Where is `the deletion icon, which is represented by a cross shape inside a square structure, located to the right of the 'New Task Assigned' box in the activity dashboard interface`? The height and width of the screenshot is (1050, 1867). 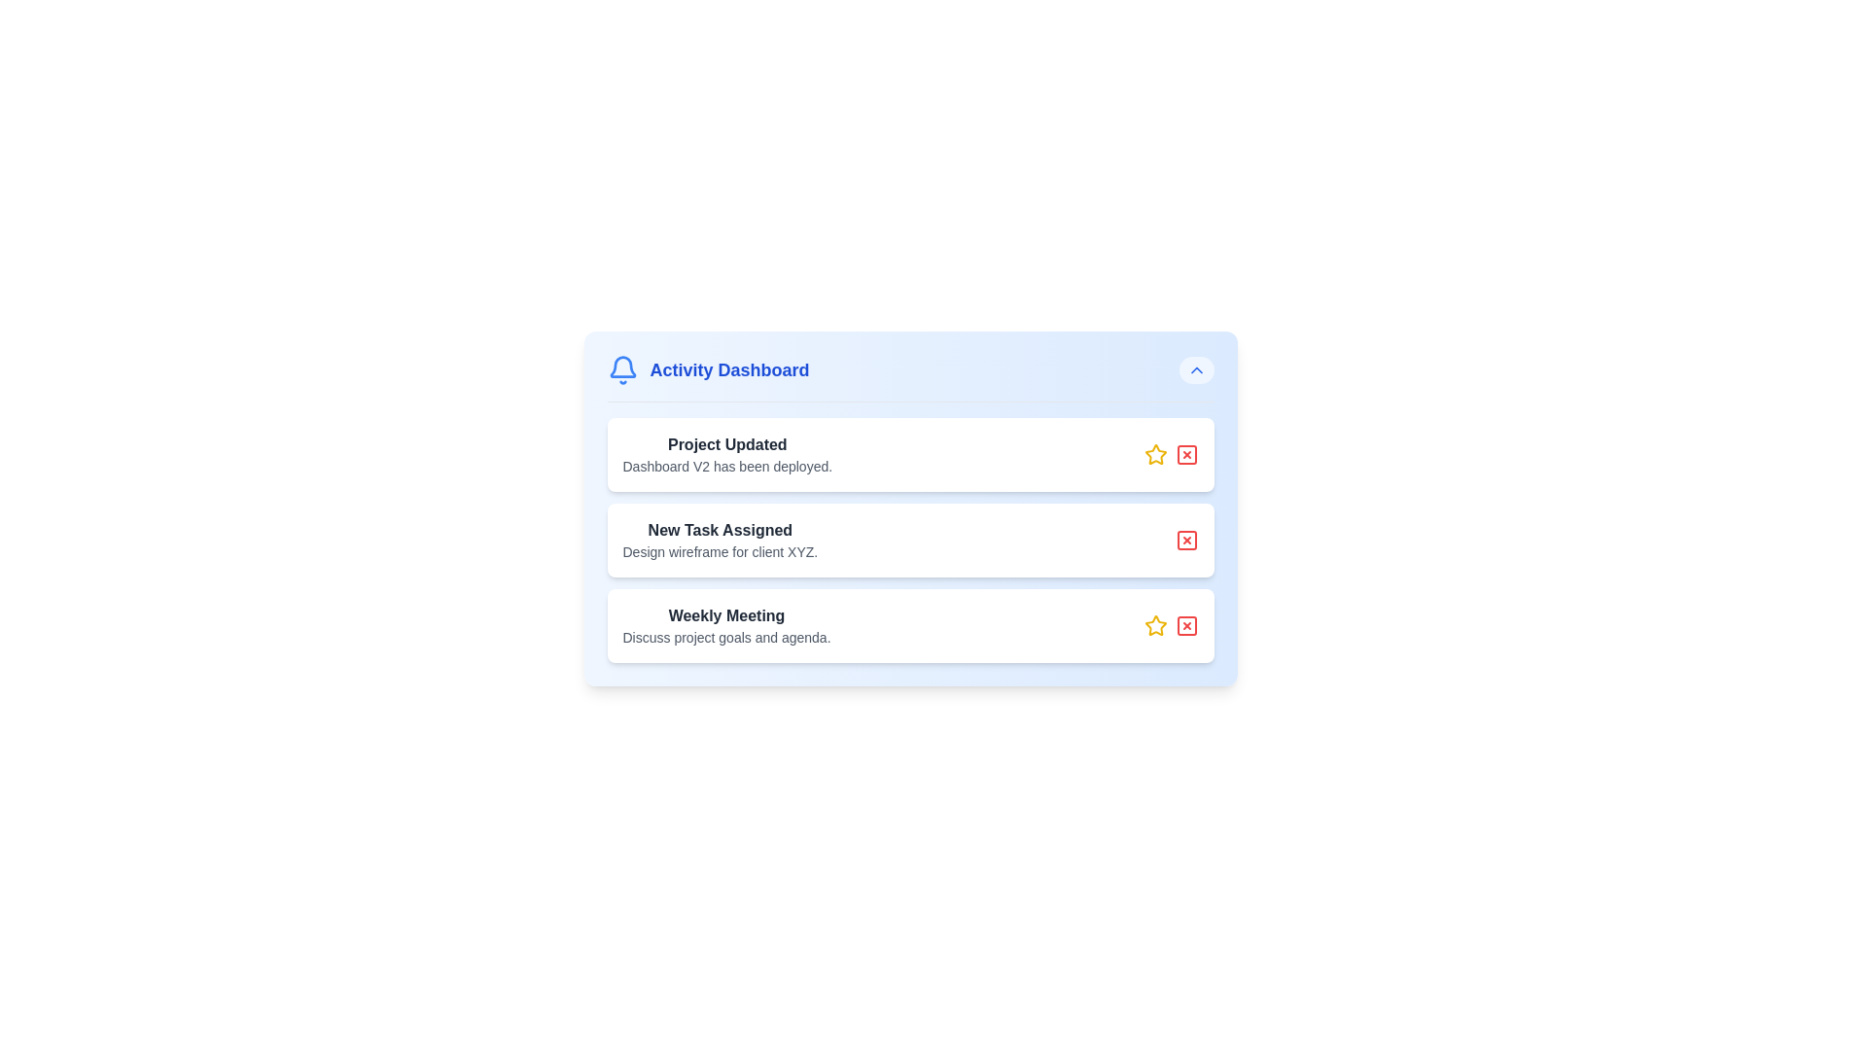 the deletion icon, which is represented by a cross shape inside a square structure, located to the right of the 'New Task Assigned' box in the activity dashboard interface is located at coordinates (1185, 454).